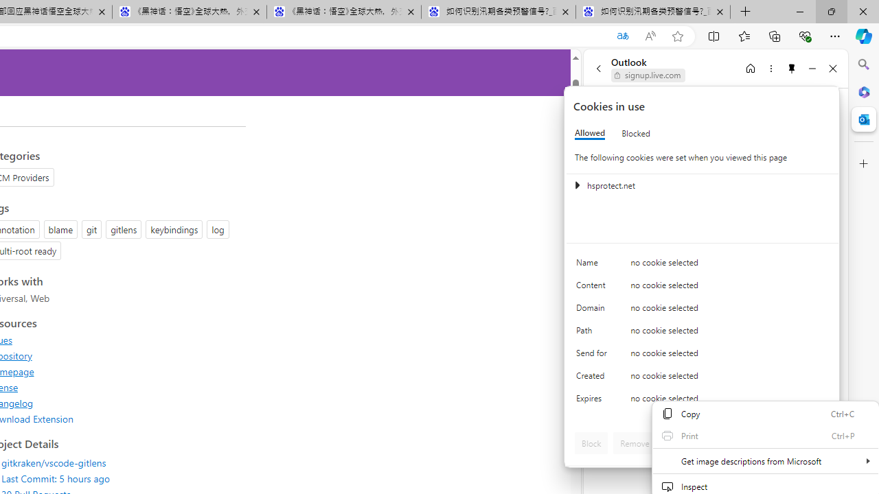 This screenshot has height=494, width=879. Describe the element at coordinates (594, 287) in the screenshot. I see `'Content'` at that location.